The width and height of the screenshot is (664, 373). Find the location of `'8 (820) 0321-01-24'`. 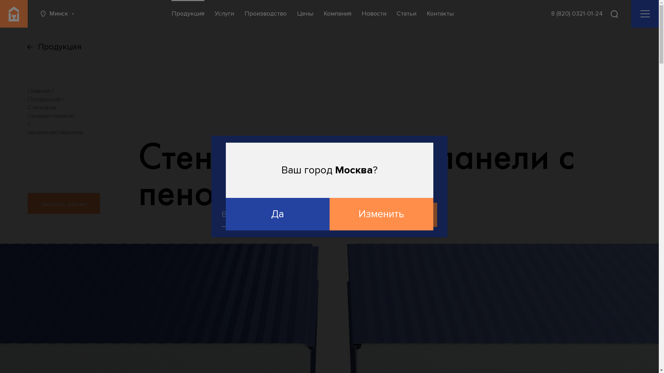

'8 (820) 0321-01-24' is located at coordinates (551, 13).